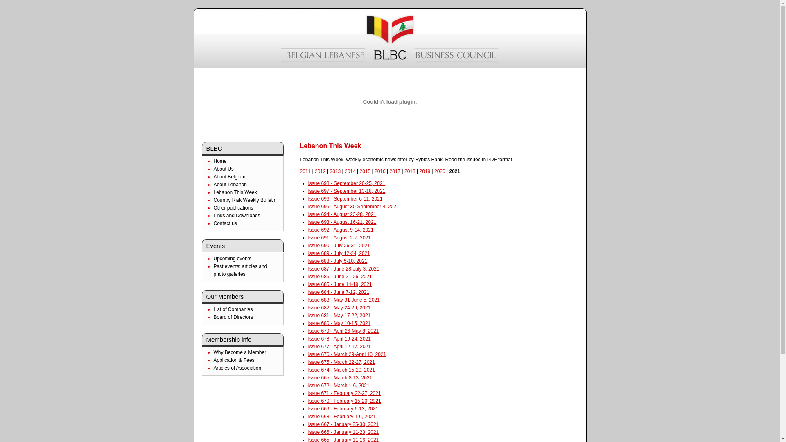  I want to click on 'Issue 665 - March 8-13, 2021', so click(340, 377).